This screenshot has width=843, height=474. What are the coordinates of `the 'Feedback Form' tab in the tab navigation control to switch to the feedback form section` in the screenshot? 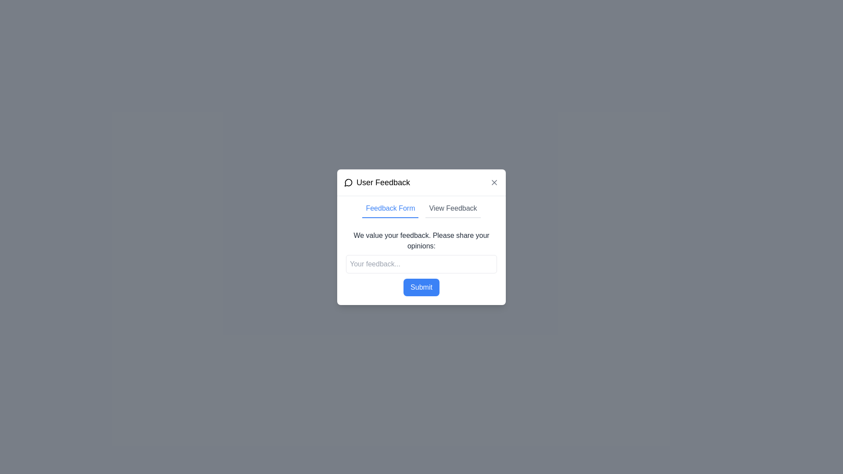 It's located at (421, 208).